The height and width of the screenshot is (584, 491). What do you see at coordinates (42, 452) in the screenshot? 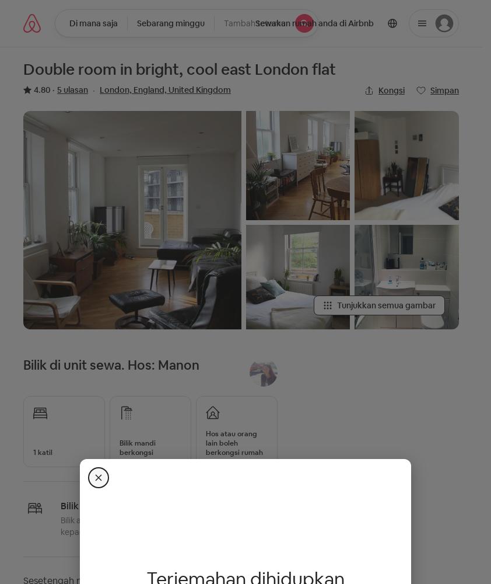
I see `'1 katil'` at bounding box center [42, 452].